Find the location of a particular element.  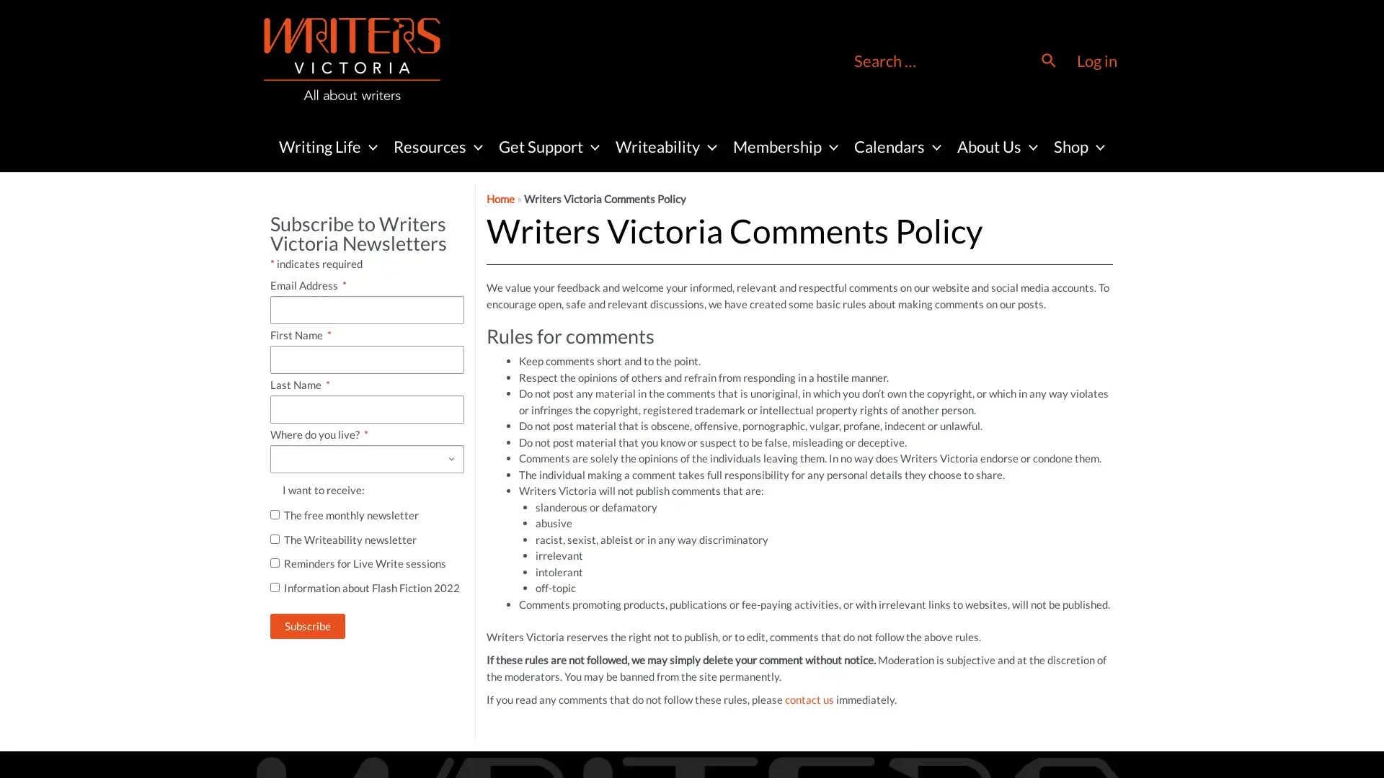

Search is located at coordinates (1049, 60).